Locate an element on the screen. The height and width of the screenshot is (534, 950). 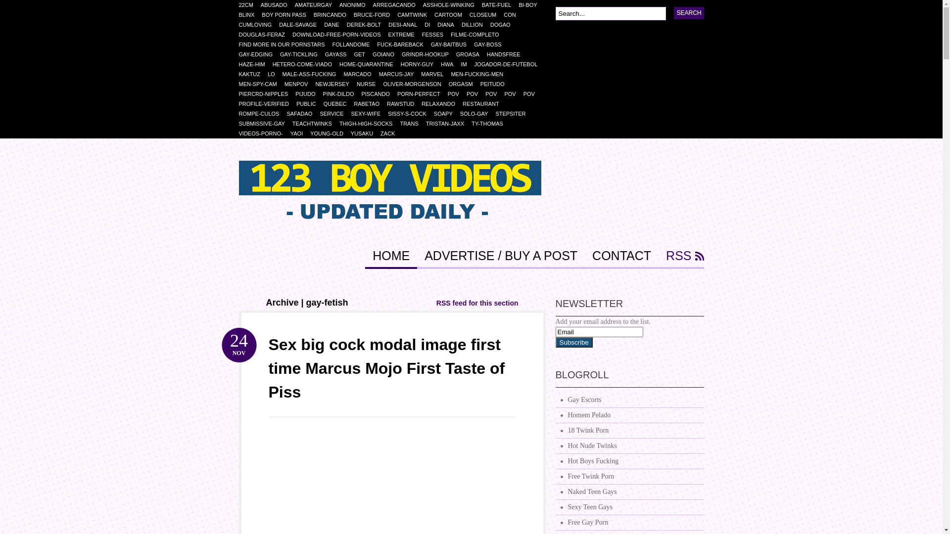
'GRINDR-HOOKUP' is located at coordinates (401, 54).